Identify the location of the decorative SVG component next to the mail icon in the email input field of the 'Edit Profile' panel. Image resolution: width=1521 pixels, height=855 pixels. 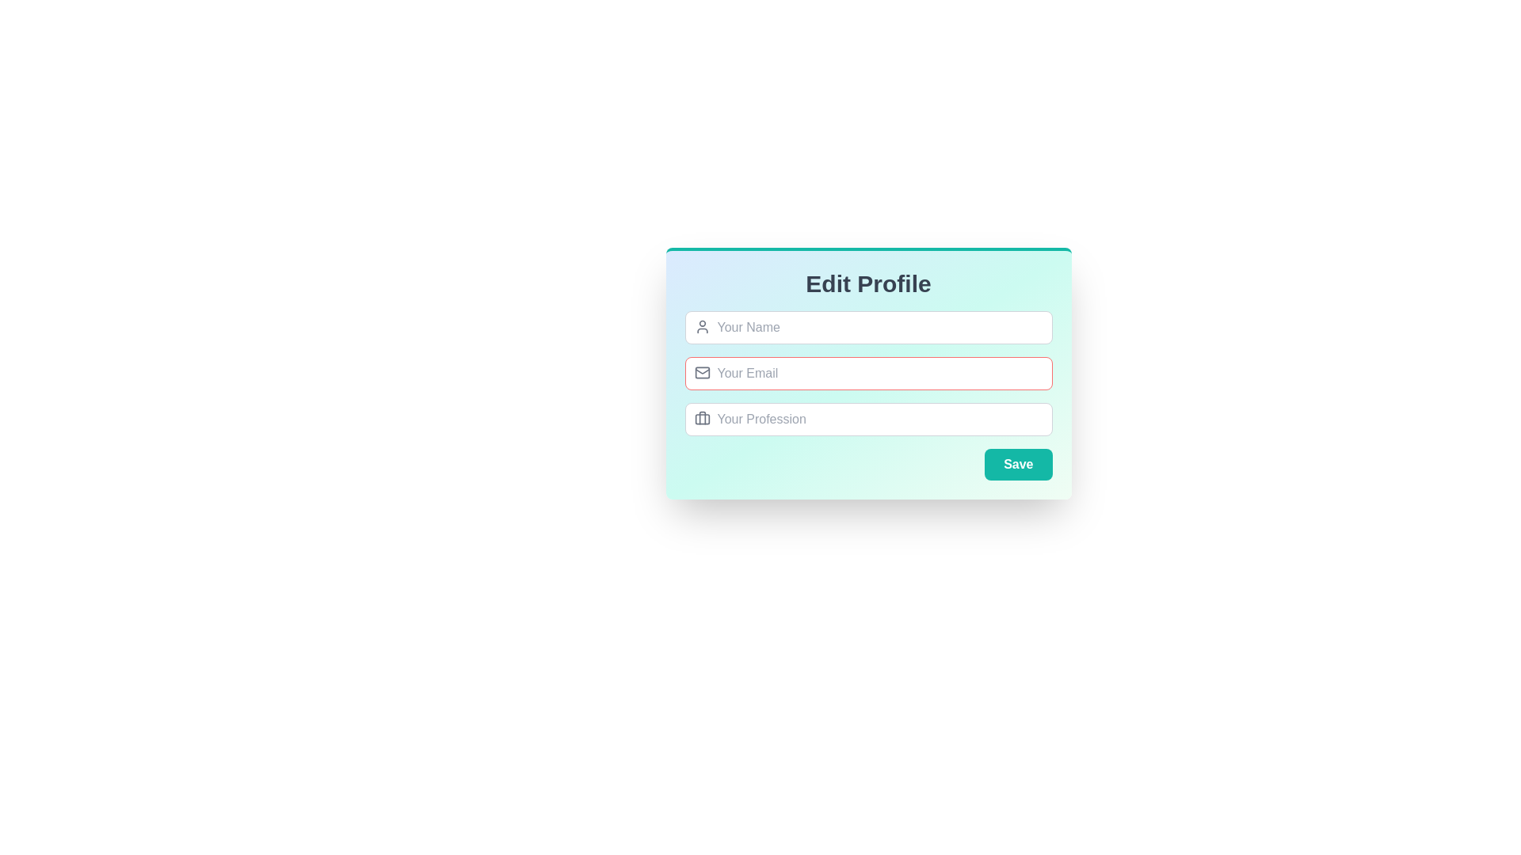
(701, 372).